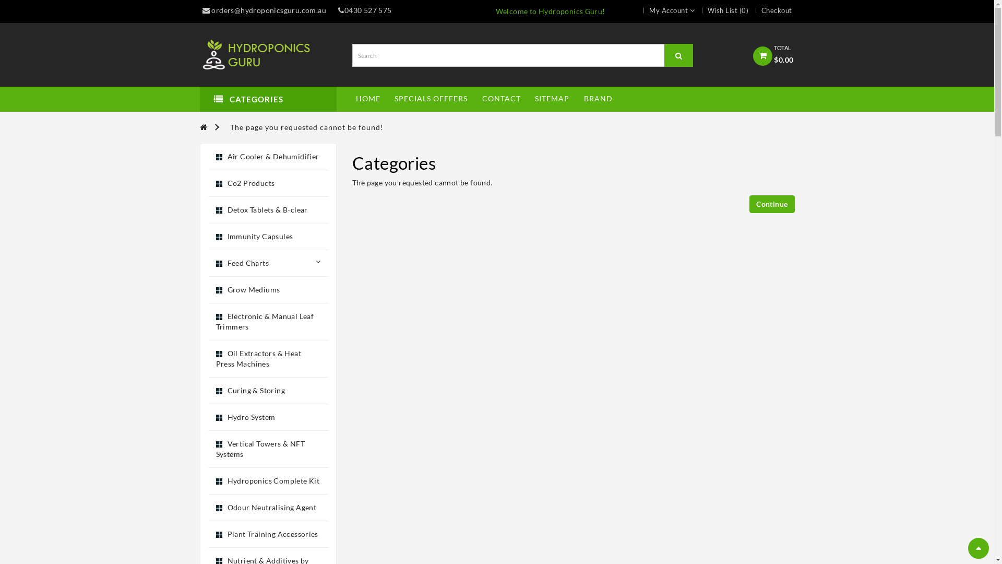  What do you see at coordinates (551, 99) in the screenshot?
I see `'SITEMAP'` at bounding box center [551, 99].